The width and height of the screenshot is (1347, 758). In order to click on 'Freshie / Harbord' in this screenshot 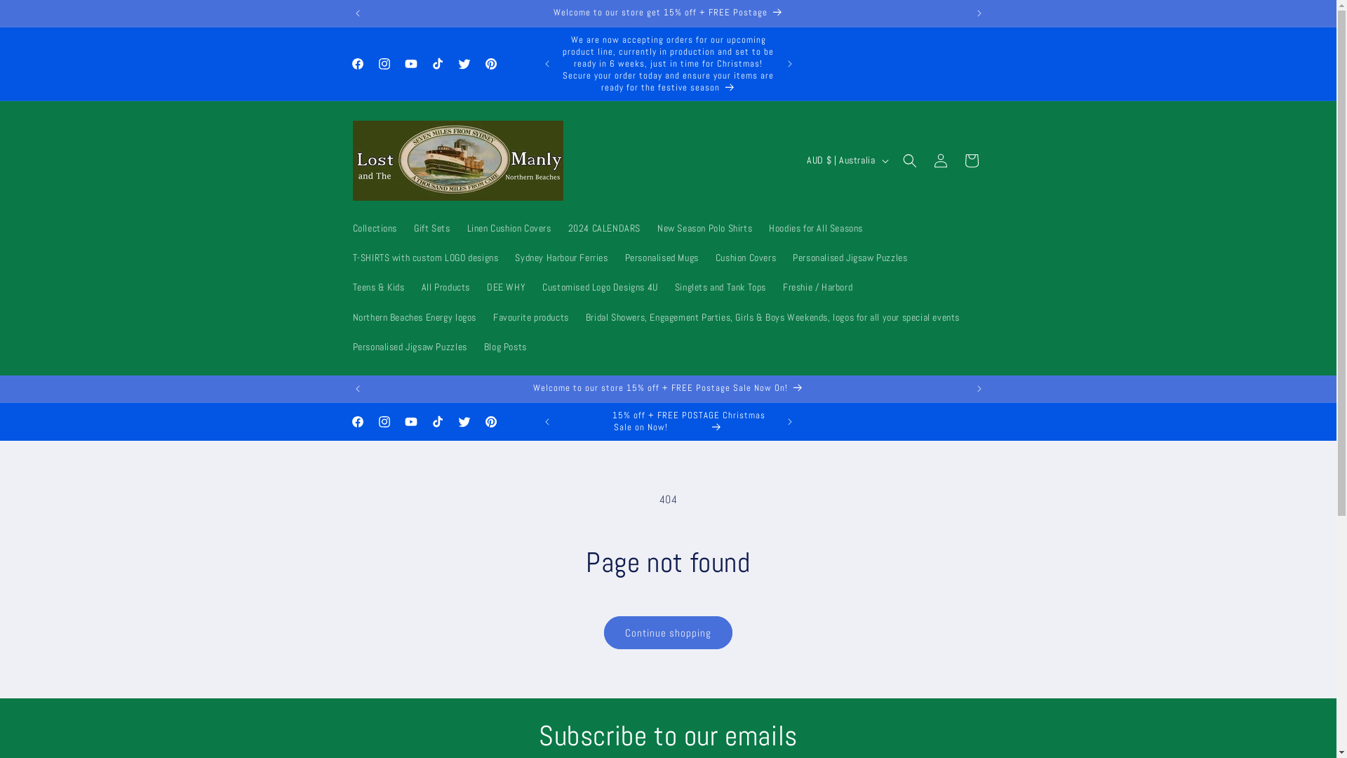, I will do `click(817, 286)`.